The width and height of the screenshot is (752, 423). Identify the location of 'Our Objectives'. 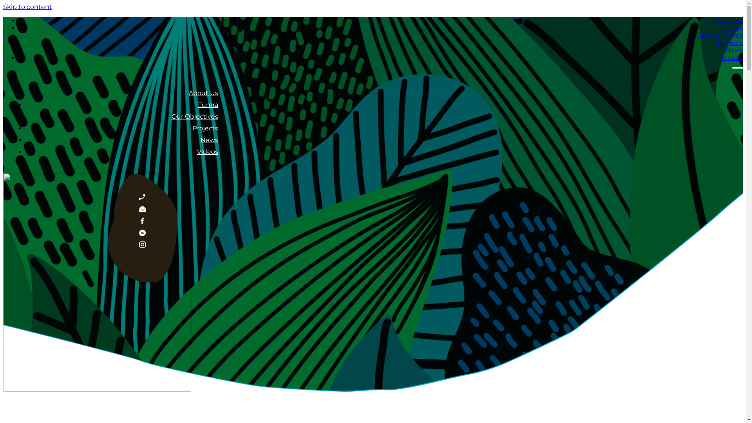
(195, 114).